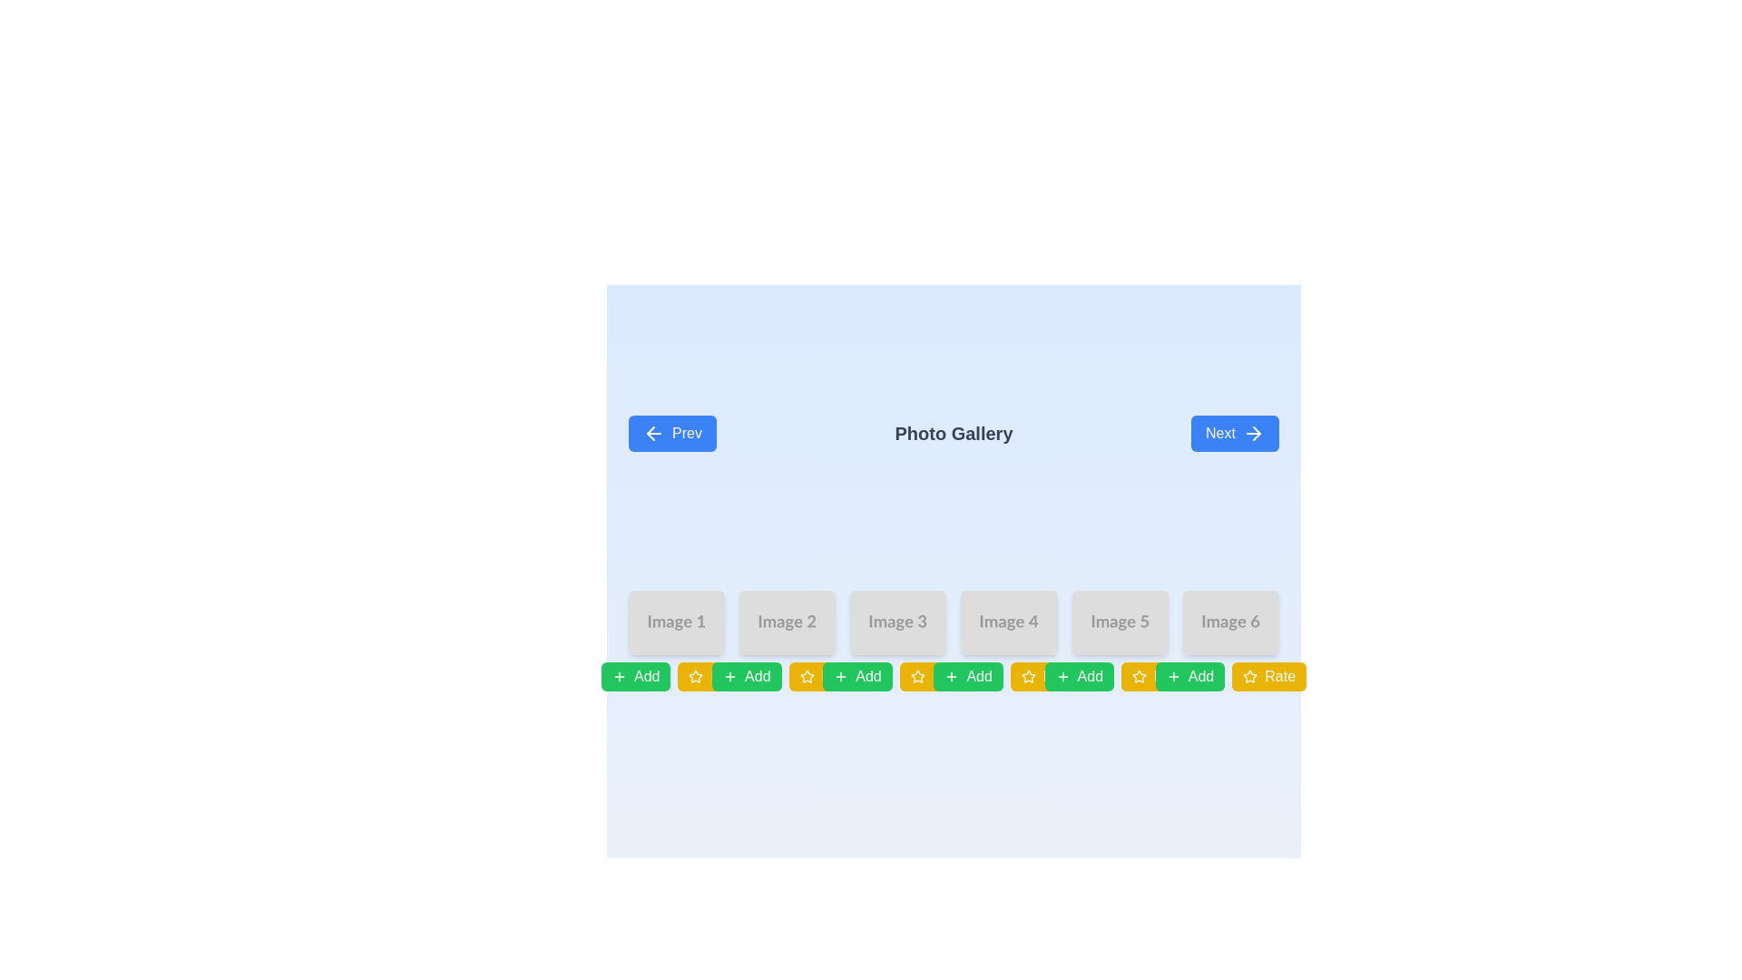  I want to click on the green button labeled 'Add' with rounded corners to change its background color, so click(747, 676).